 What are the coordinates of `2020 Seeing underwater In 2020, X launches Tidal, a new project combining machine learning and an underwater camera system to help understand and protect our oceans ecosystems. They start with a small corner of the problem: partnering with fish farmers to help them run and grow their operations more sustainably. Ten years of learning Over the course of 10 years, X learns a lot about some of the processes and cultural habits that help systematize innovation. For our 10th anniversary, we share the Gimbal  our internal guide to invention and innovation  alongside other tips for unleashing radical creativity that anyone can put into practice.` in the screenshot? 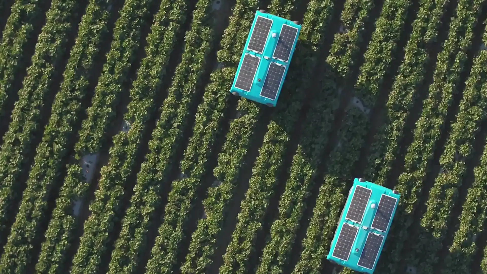 It's located at (230, 33).